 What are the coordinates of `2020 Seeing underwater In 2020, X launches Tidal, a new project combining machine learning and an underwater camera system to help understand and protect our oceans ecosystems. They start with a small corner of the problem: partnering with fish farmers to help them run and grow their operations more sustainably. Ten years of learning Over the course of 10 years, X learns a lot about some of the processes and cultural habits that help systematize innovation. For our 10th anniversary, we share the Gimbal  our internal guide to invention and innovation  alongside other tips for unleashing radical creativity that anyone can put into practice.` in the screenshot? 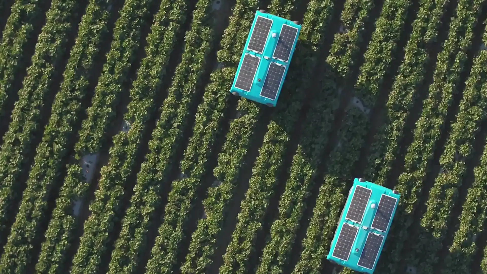 It's located at (230, 33).